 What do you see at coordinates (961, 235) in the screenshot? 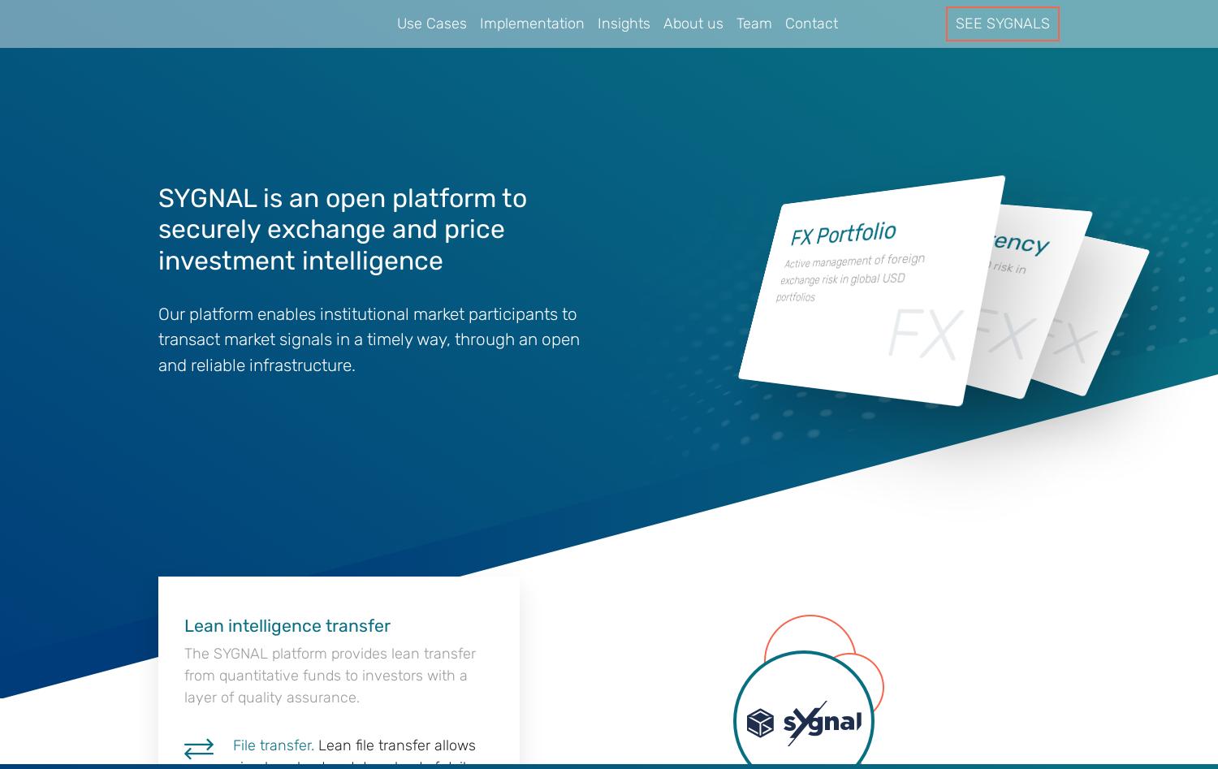
I see `'USDSEK Currency'` at bounding box center [961, 235].